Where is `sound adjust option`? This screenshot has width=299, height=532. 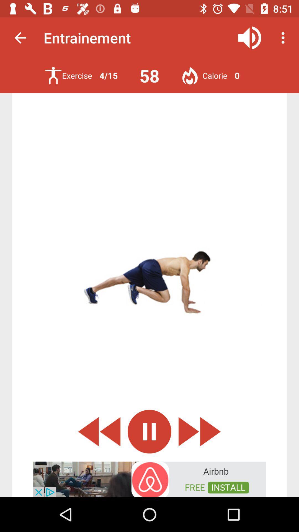
sound adjust option is located at coordinates (249, 37).